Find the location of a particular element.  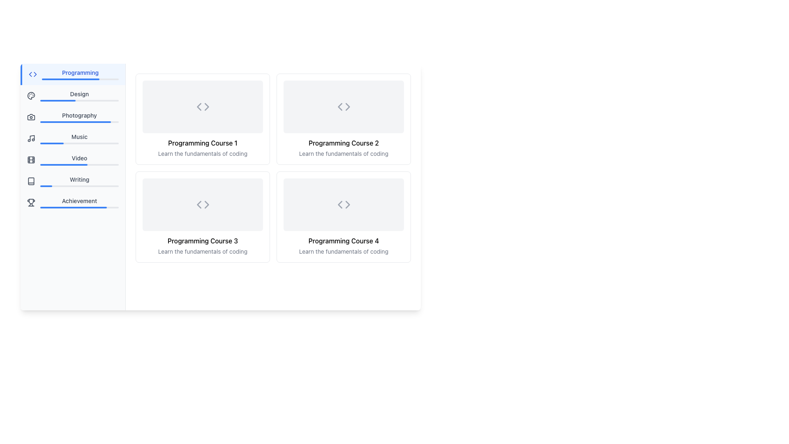

the progress bar is located at coordinates (110, 165).